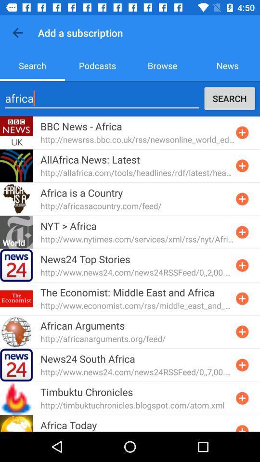 Image resolution: width=260 pixels, height=462 pixels. What do you see at coordinates (17, 33) in the screenshot?
I see `icon next to the add a subscription` at bounding box center [17, 33].